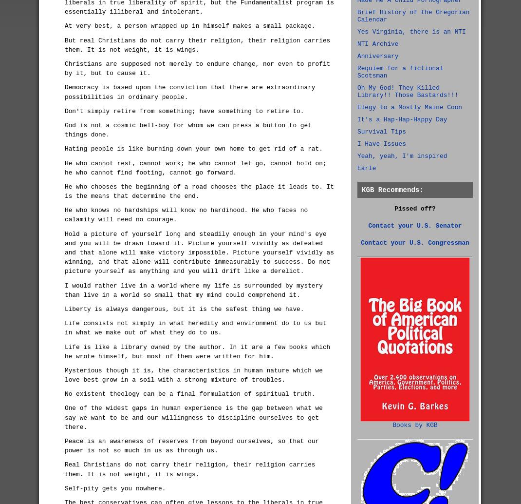 Image resolution: width=521 pixels, height=504 pixels. What do you see at coordinates (413, 16) in the screenshot?
I see `'Brief History of the Gregorian Calendar'` at bounding box center [413, 16].